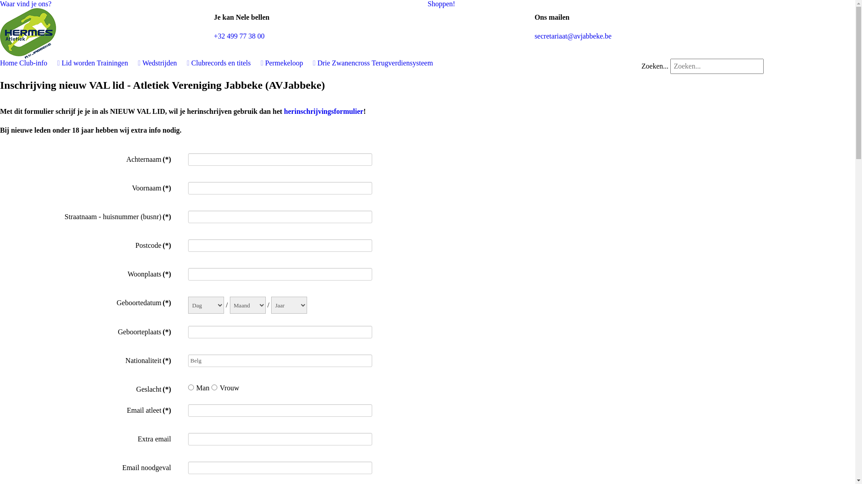 Image resolution: width=862 pixels, height=484 pixels. Describe the element at coordinates (118, 62) in the screenshot. I see `'Trainingen'` at that location.